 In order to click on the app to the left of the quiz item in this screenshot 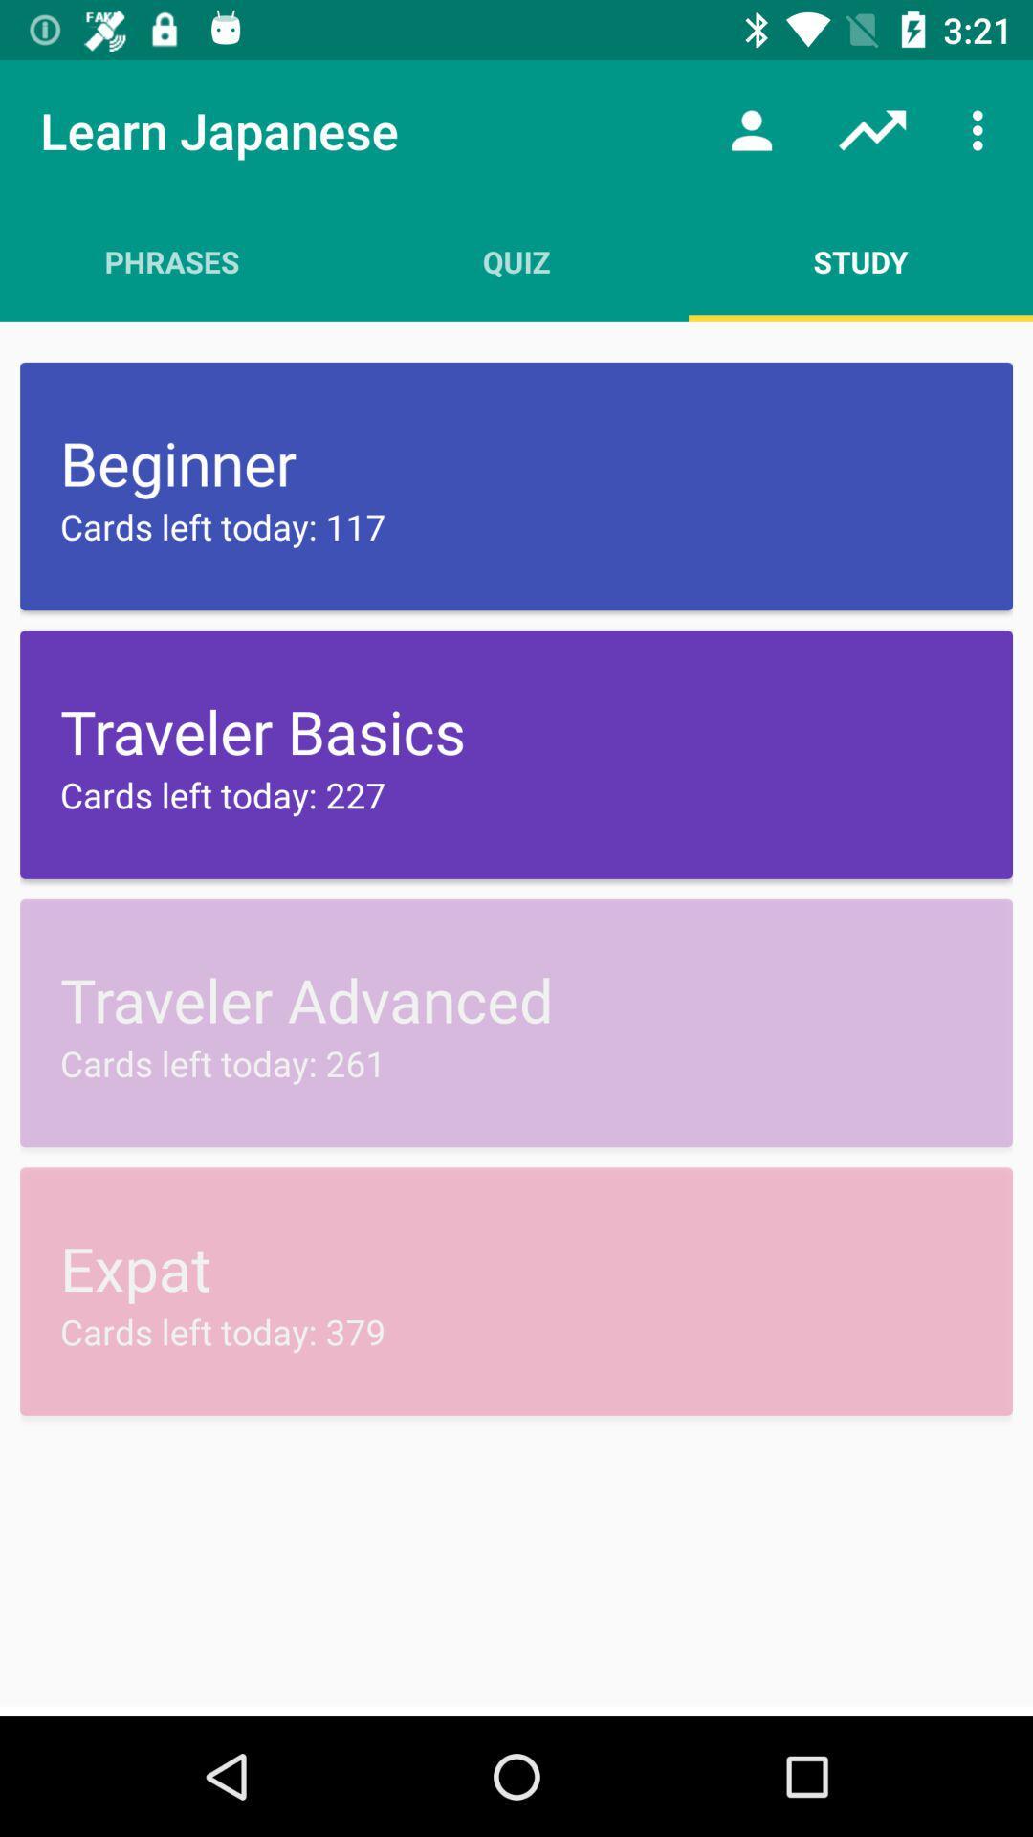, I will do `click(172, 260)`.